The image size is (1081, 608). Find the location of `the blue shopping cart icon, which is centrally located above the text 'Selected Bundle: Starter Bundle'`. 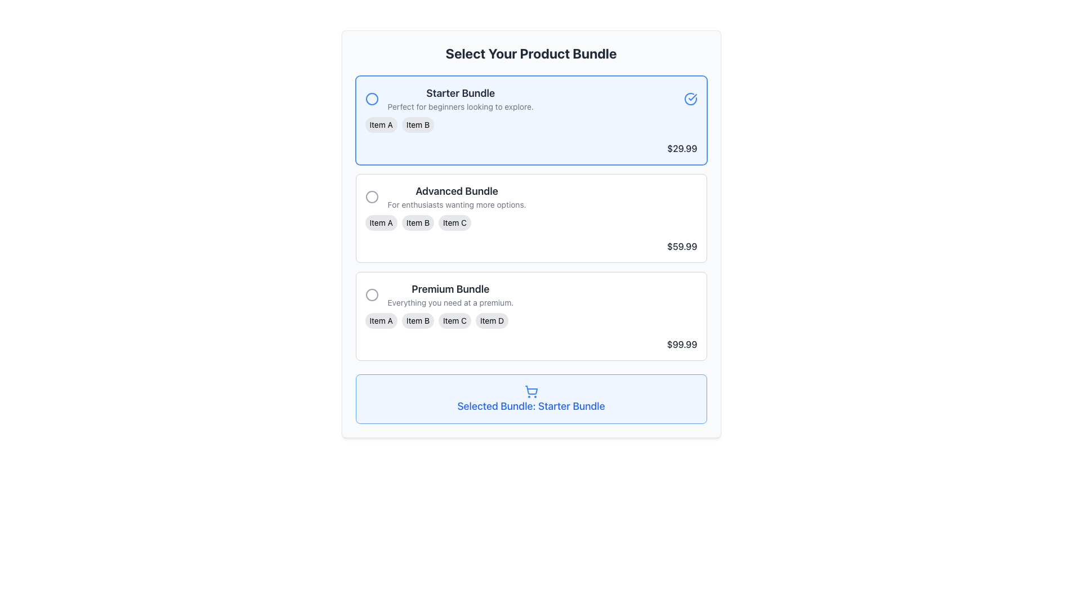

the blue shopping cart icon, which is centrally located above the text 'Selected Bundle: Starter Bundle' is located at coordinates (530, 391).